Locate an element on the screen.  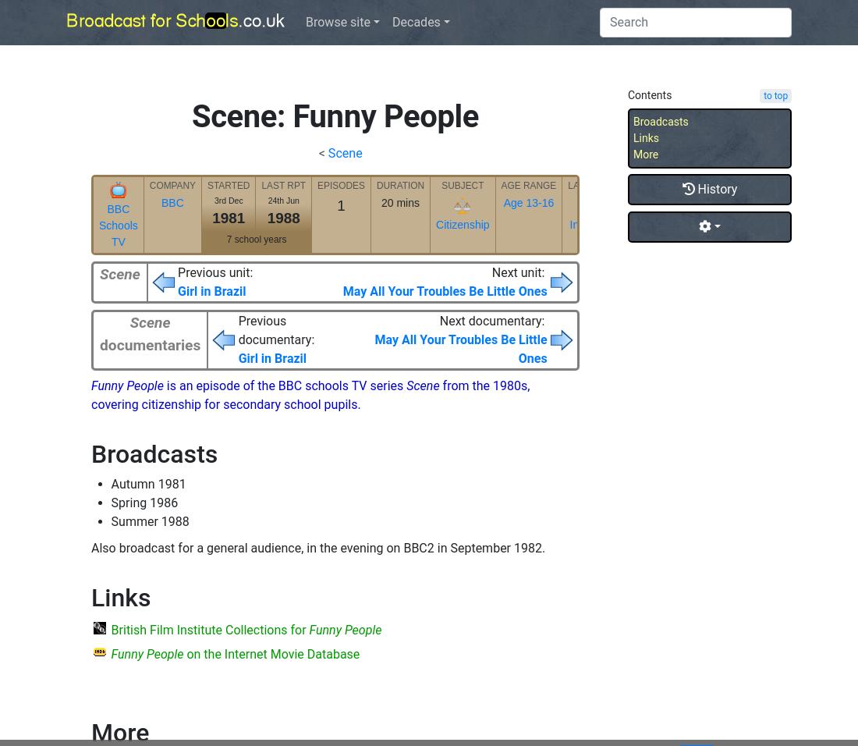
'started' is located at coordinates (228, 184).